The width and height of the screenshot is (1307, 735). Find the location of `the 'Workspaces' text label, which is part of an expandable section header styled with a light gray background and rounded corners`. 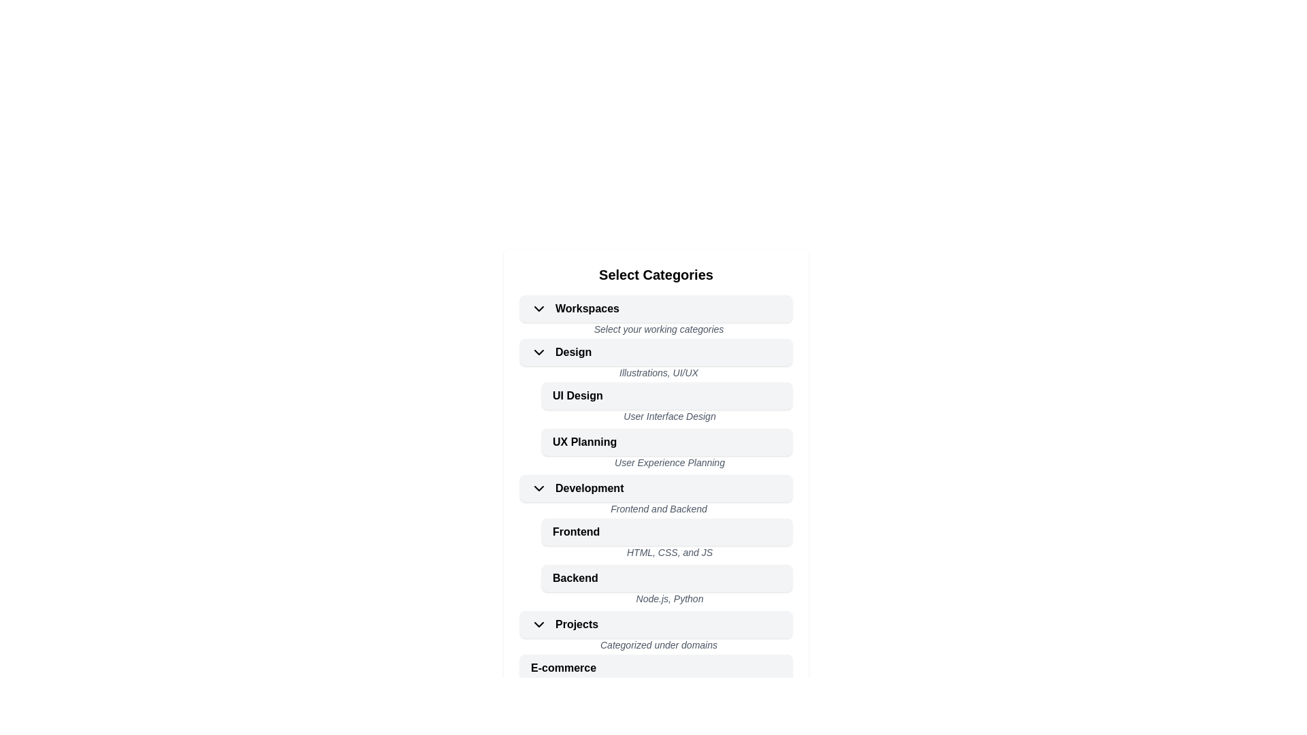

the 'Workspaces' text label, which is part of an expandable section header styled with a light gray background and rounded corners is located at coordinates (575, 309).